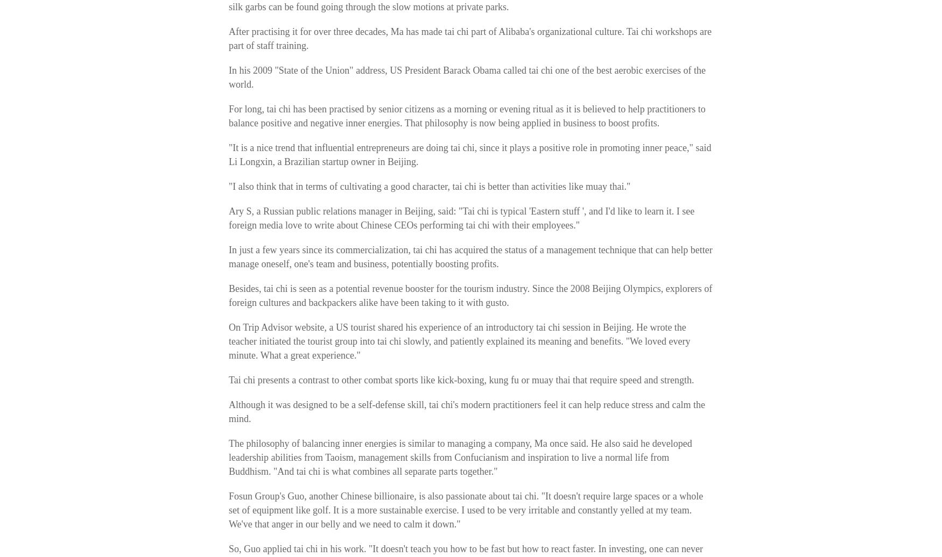 This screenshot has height=557, width=942. I want to click on 'Tai chi presents a contrast to other combat sports like kick-boxing, kung fu or muay thai that require speed and strength.', so click(461, 380).